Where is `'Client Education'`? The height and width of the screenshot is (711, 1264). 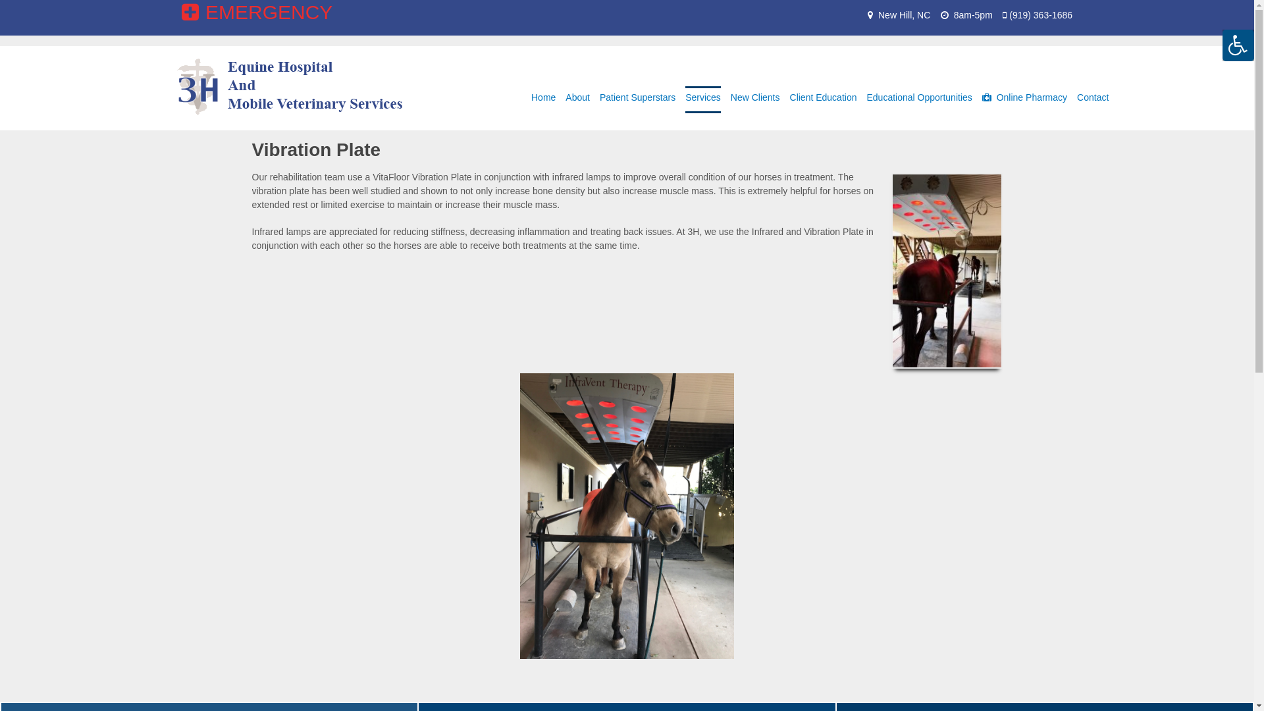
'Client Education' is located at coordinates (823, 102).